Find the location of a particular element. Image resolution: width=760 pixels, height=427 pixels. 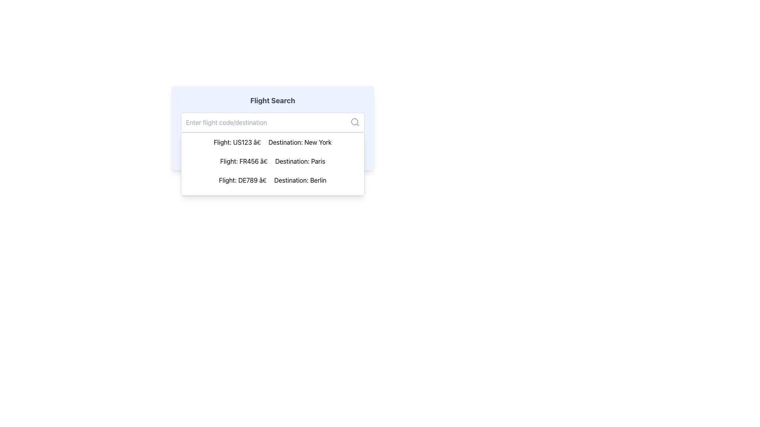

to select the flight entry for flight 'US123' to New York, which is the first item in the dropdown list of flight options is located at coordinates (273, 142).